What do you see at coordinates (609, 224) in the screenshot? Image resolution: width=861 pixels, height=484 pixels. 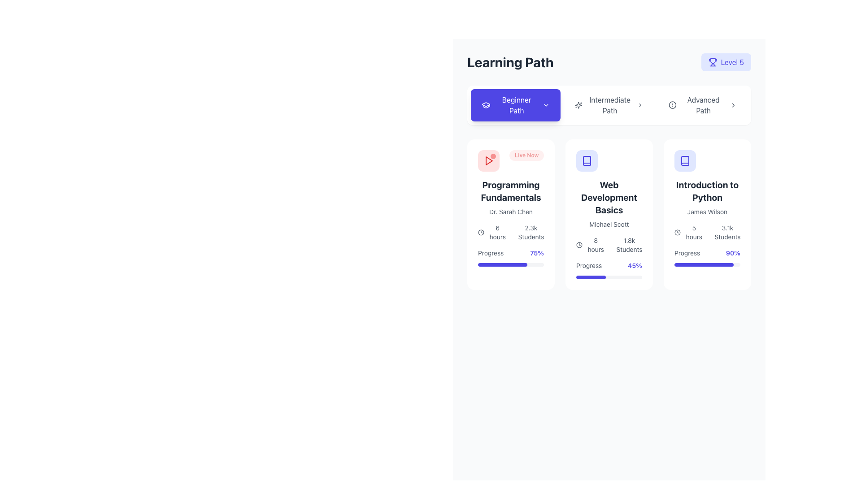 I see `text label that says 'Michael Scott', which is displayed in gray color and small font size, located below the title 'Web Development Basics' within the course details card` at bounding box center [609, 224].